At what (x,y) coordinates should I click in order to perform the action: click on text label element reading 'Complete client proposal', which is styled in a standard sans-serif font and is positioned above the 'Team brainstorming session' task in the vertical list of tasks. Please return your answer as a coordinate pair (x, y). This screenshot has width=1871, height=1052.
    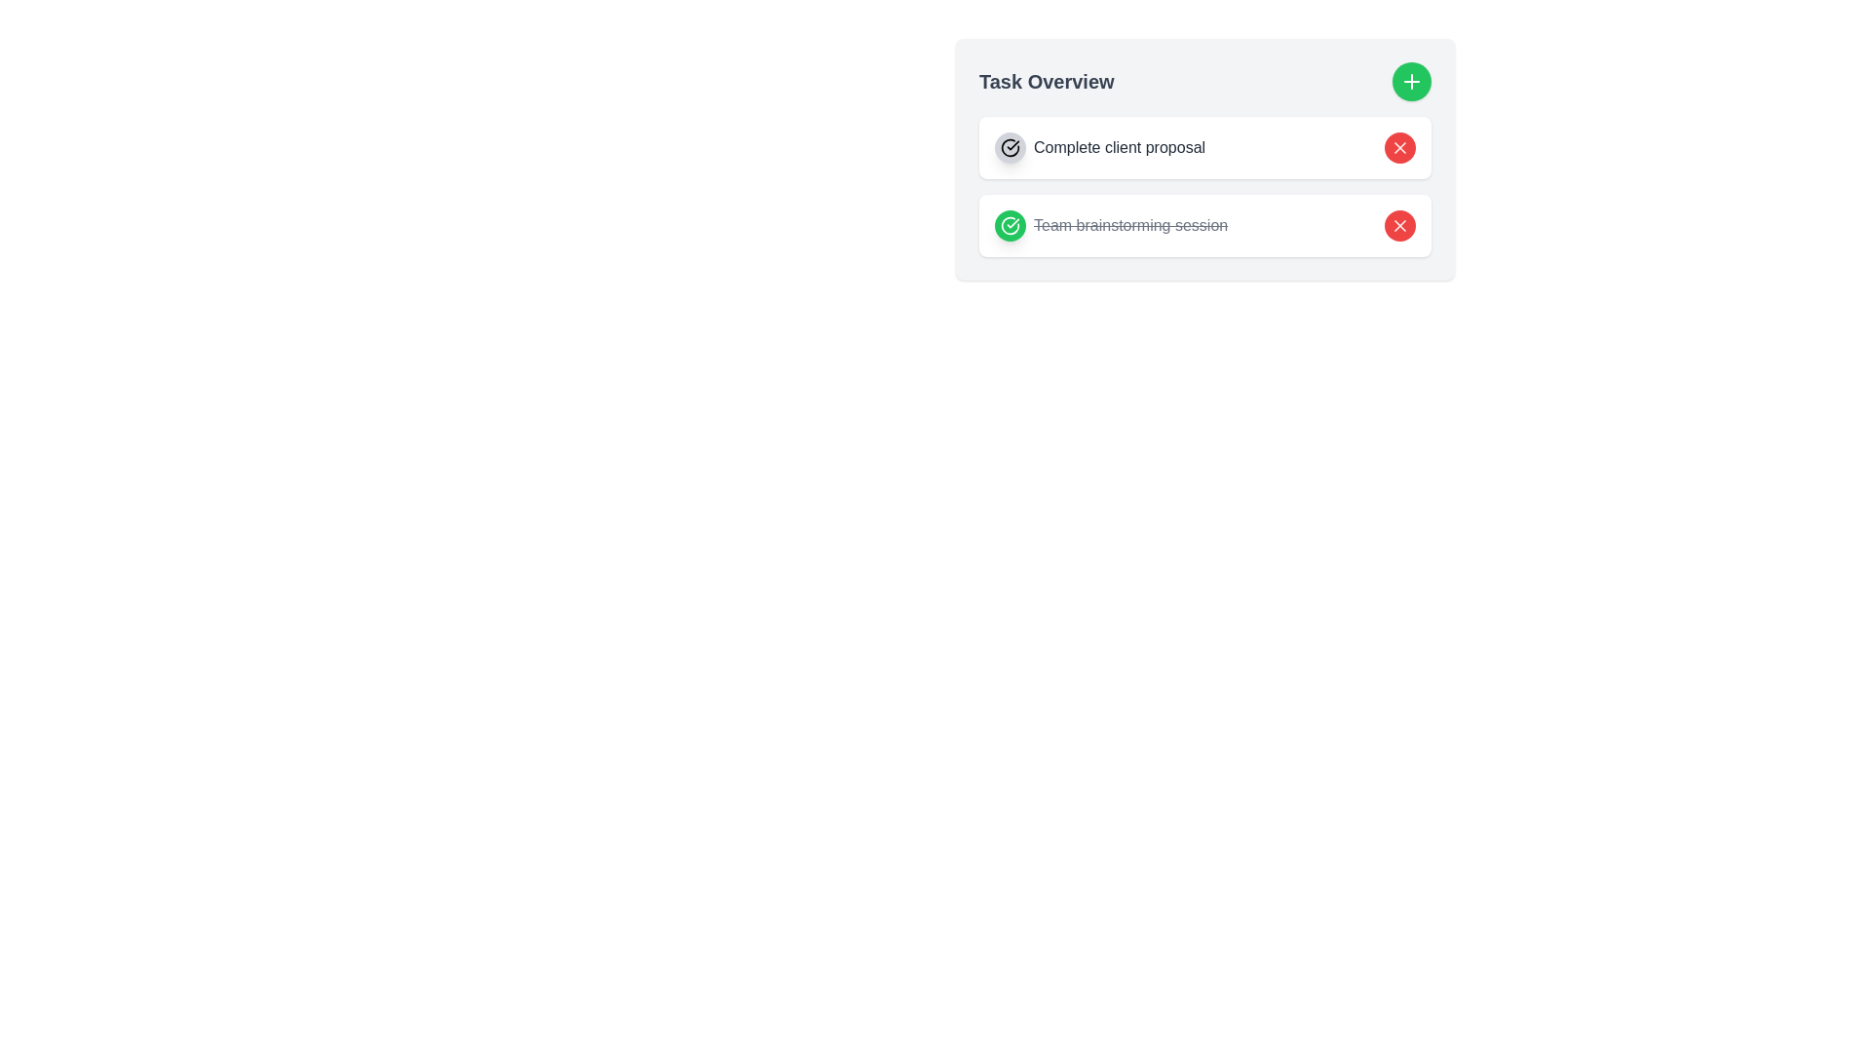
    Looking at the image, I should click on (1099, 146).